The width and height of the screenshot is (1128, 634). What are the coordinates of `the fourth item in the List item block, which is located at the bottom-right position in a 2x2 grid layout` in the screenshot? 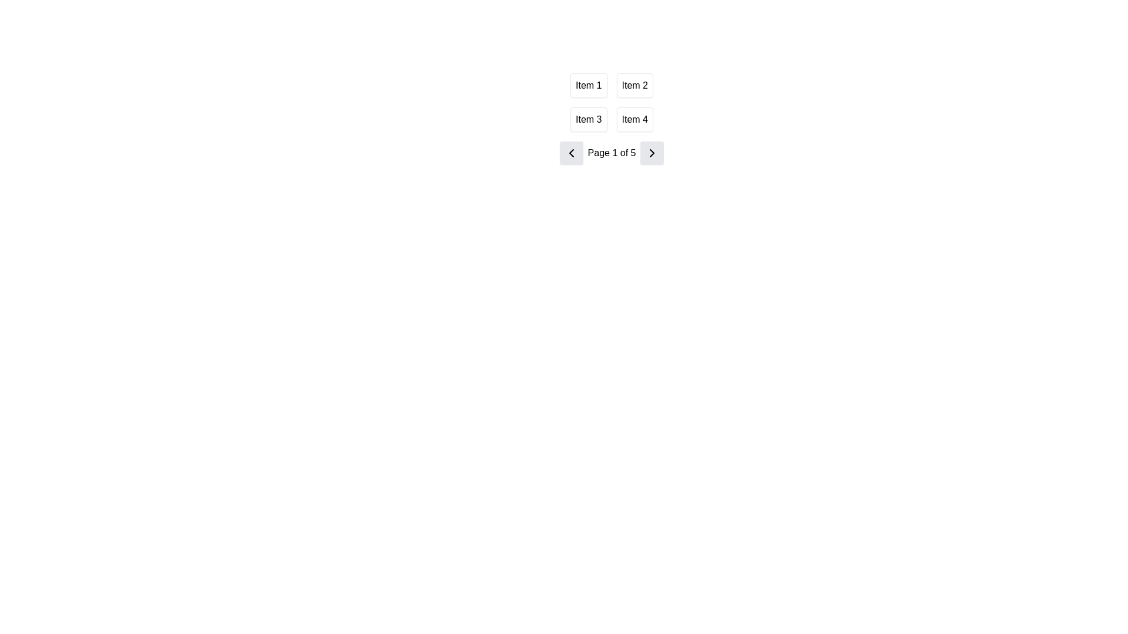 It's located at (634, 120).